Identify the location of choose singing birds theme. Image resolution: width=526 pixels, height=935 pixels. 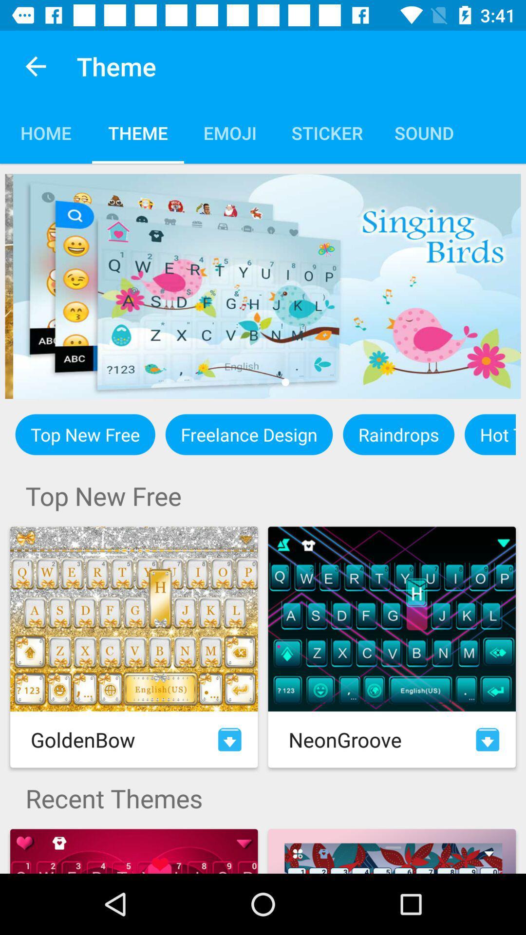
(263, 286).